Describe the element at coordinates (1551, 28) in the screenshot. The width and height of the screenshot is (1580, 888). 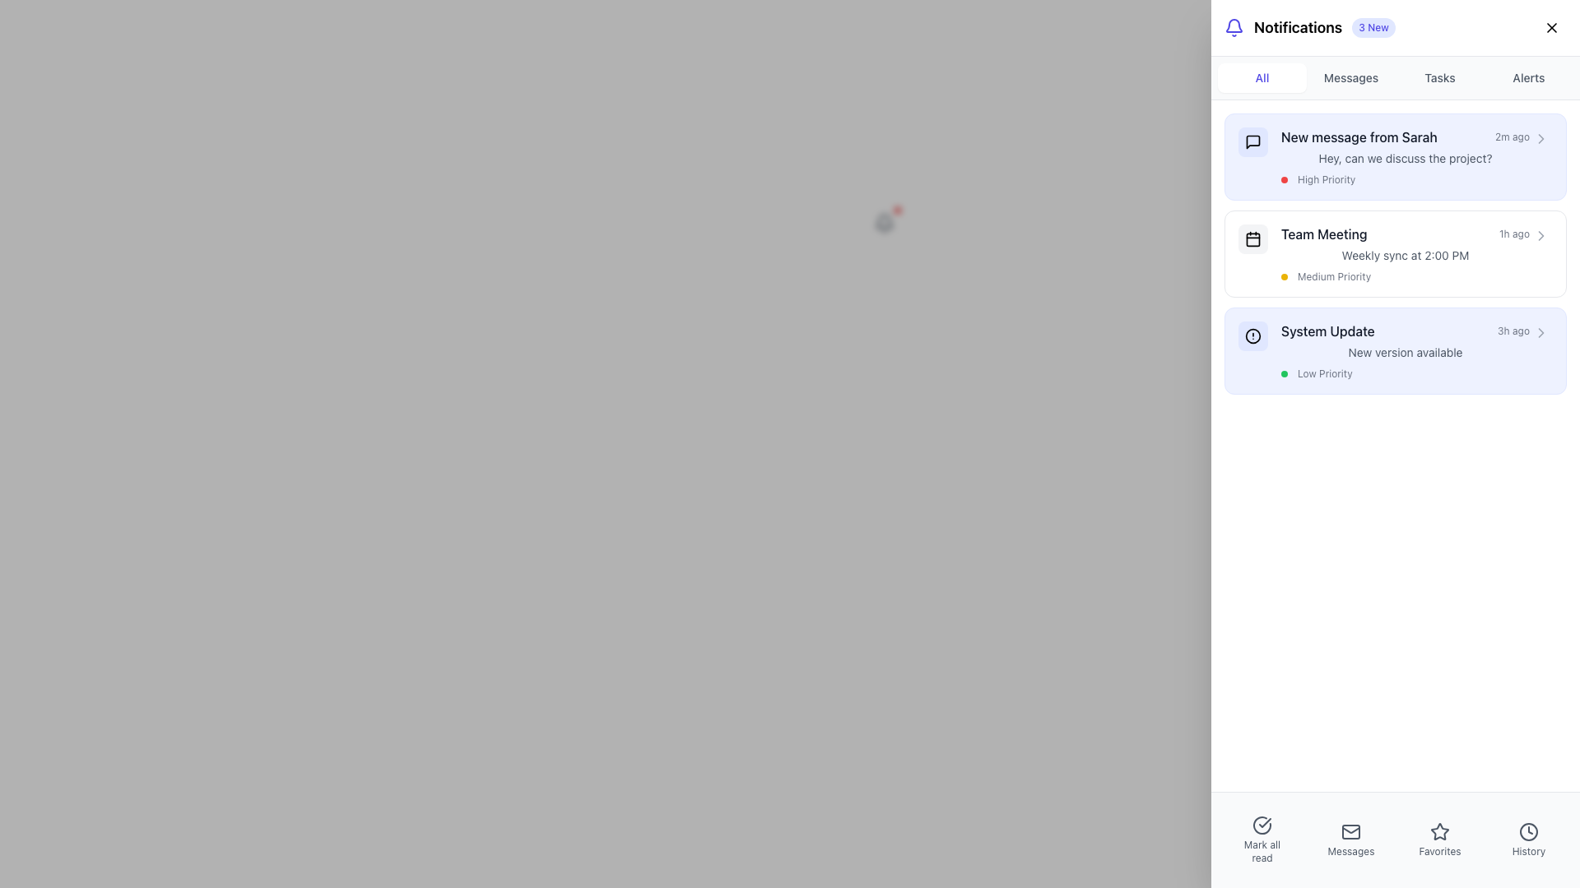
I see `the compact, circular button with an 'X' icon located at the far right end of the header section in the 'Notifications' panel` at that location.